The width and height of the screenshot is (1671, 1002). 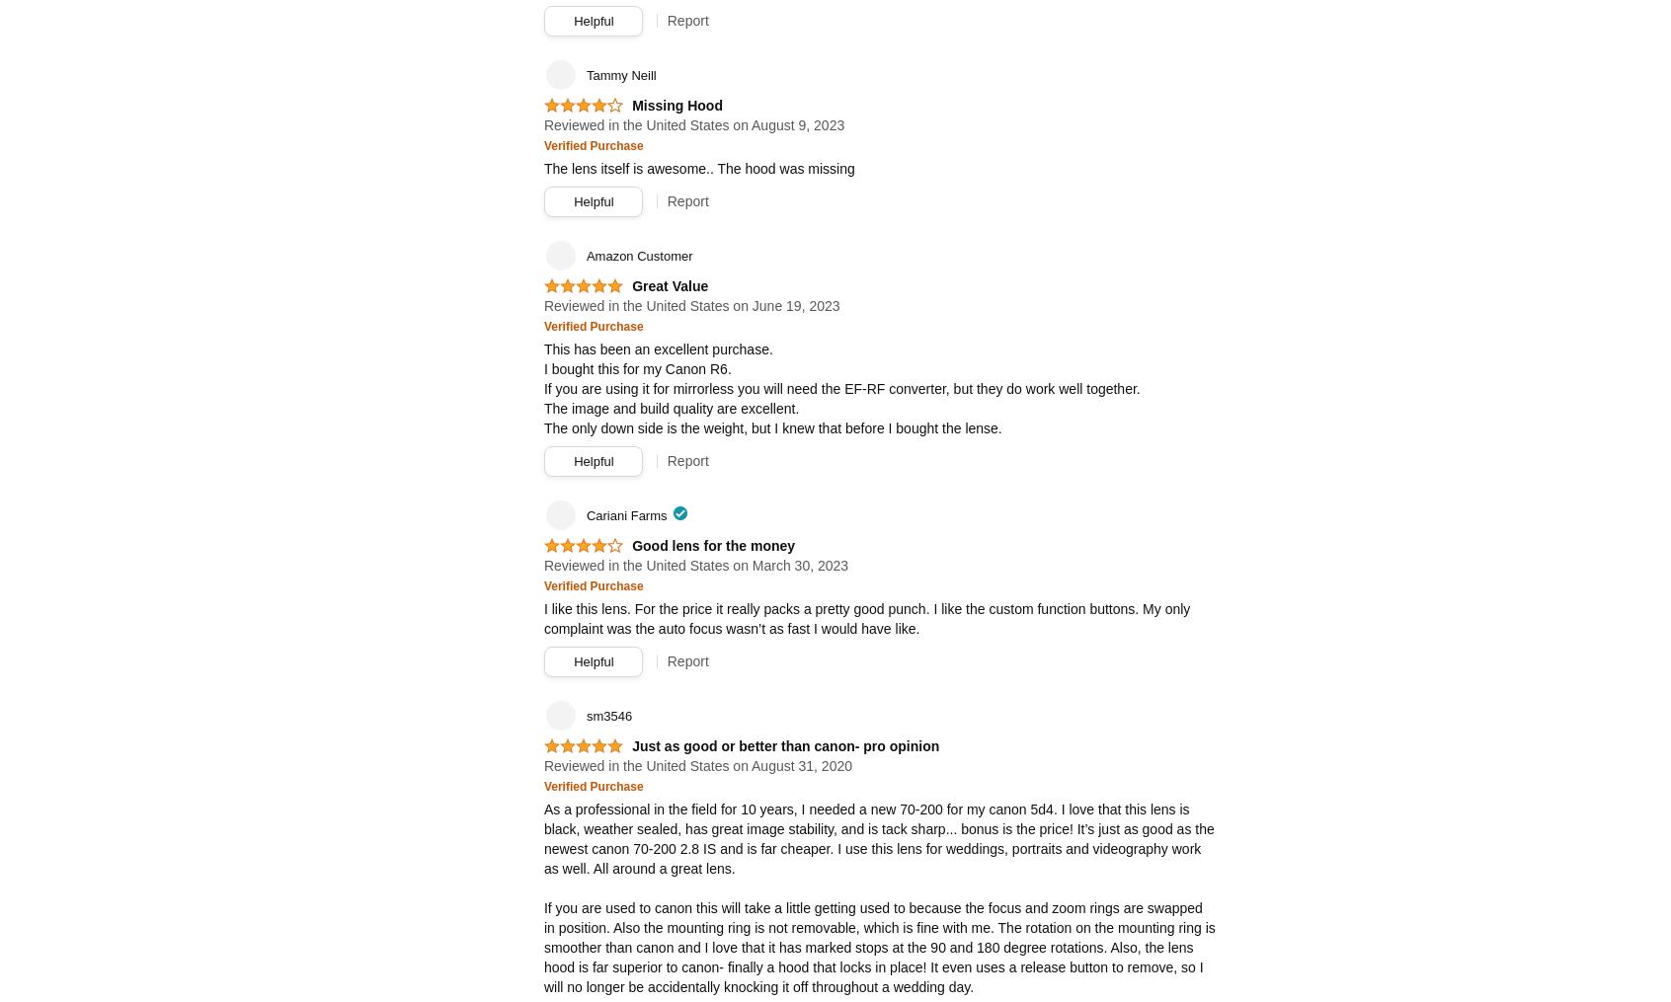 What do you see at coordinates (579, 189) in the screenshot?
I see `'Tripod Ring:'` at bounding box center [579, 189].